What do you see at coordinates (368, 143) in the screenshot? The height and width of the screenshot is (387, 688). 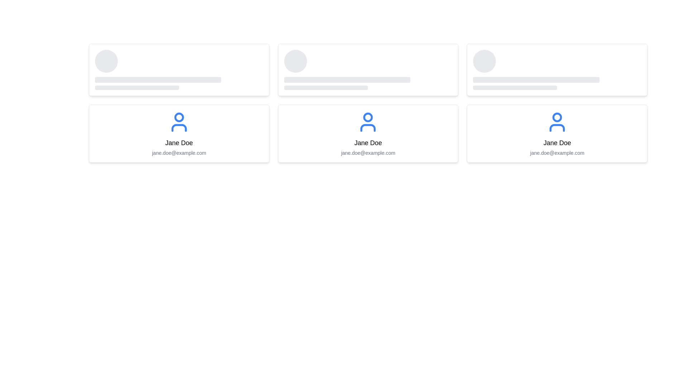 I see `the user name label displayed in the middle card of the three cards, which is located directly below the user icon and above the email text 'jane.doe@example.com'` at bounding box center [368, 143].